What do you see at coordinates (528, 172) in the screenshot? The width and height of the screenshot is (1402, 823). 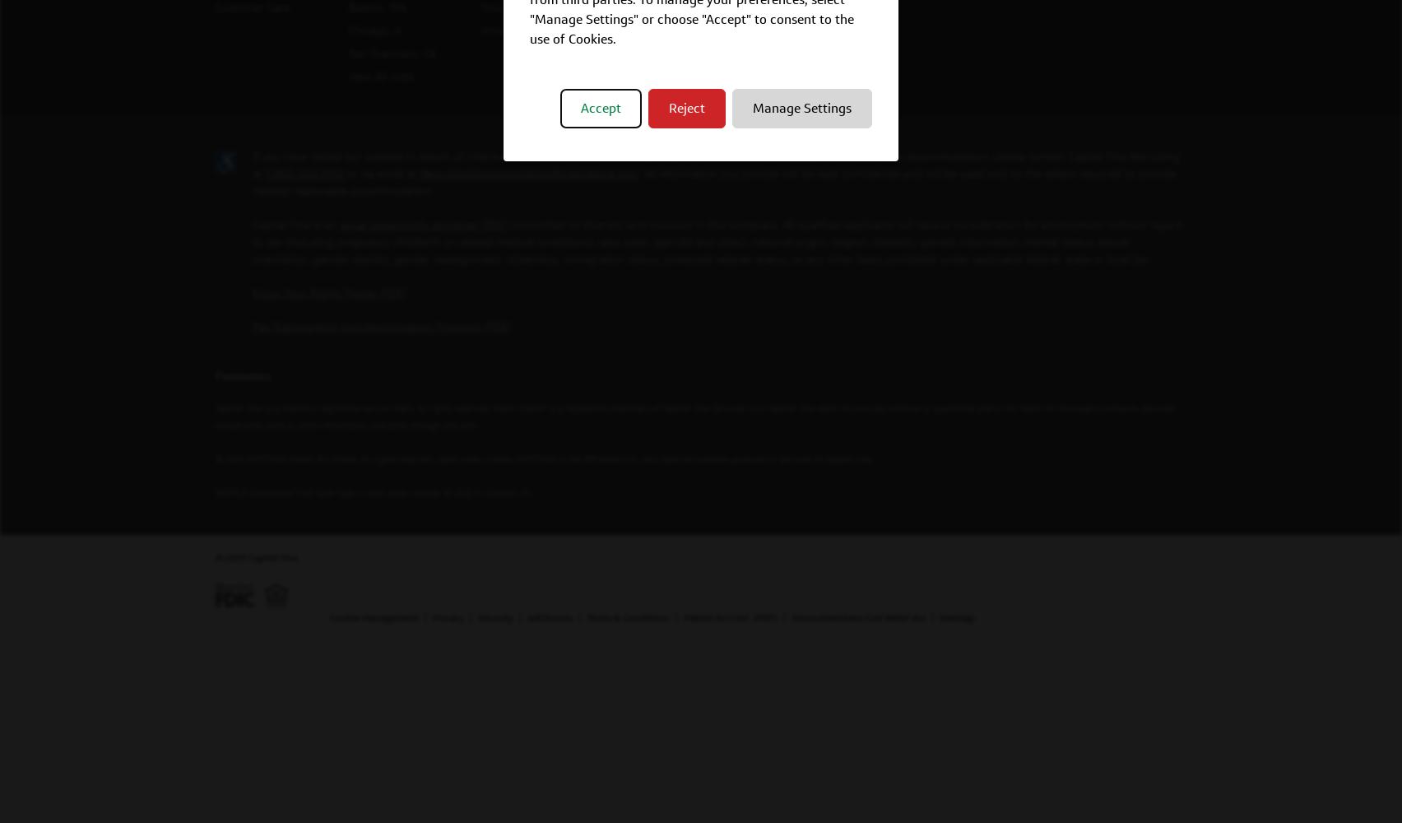 I see `'RecruitingAccommodation@capitalone.com'` at bounding box center [528, 172].